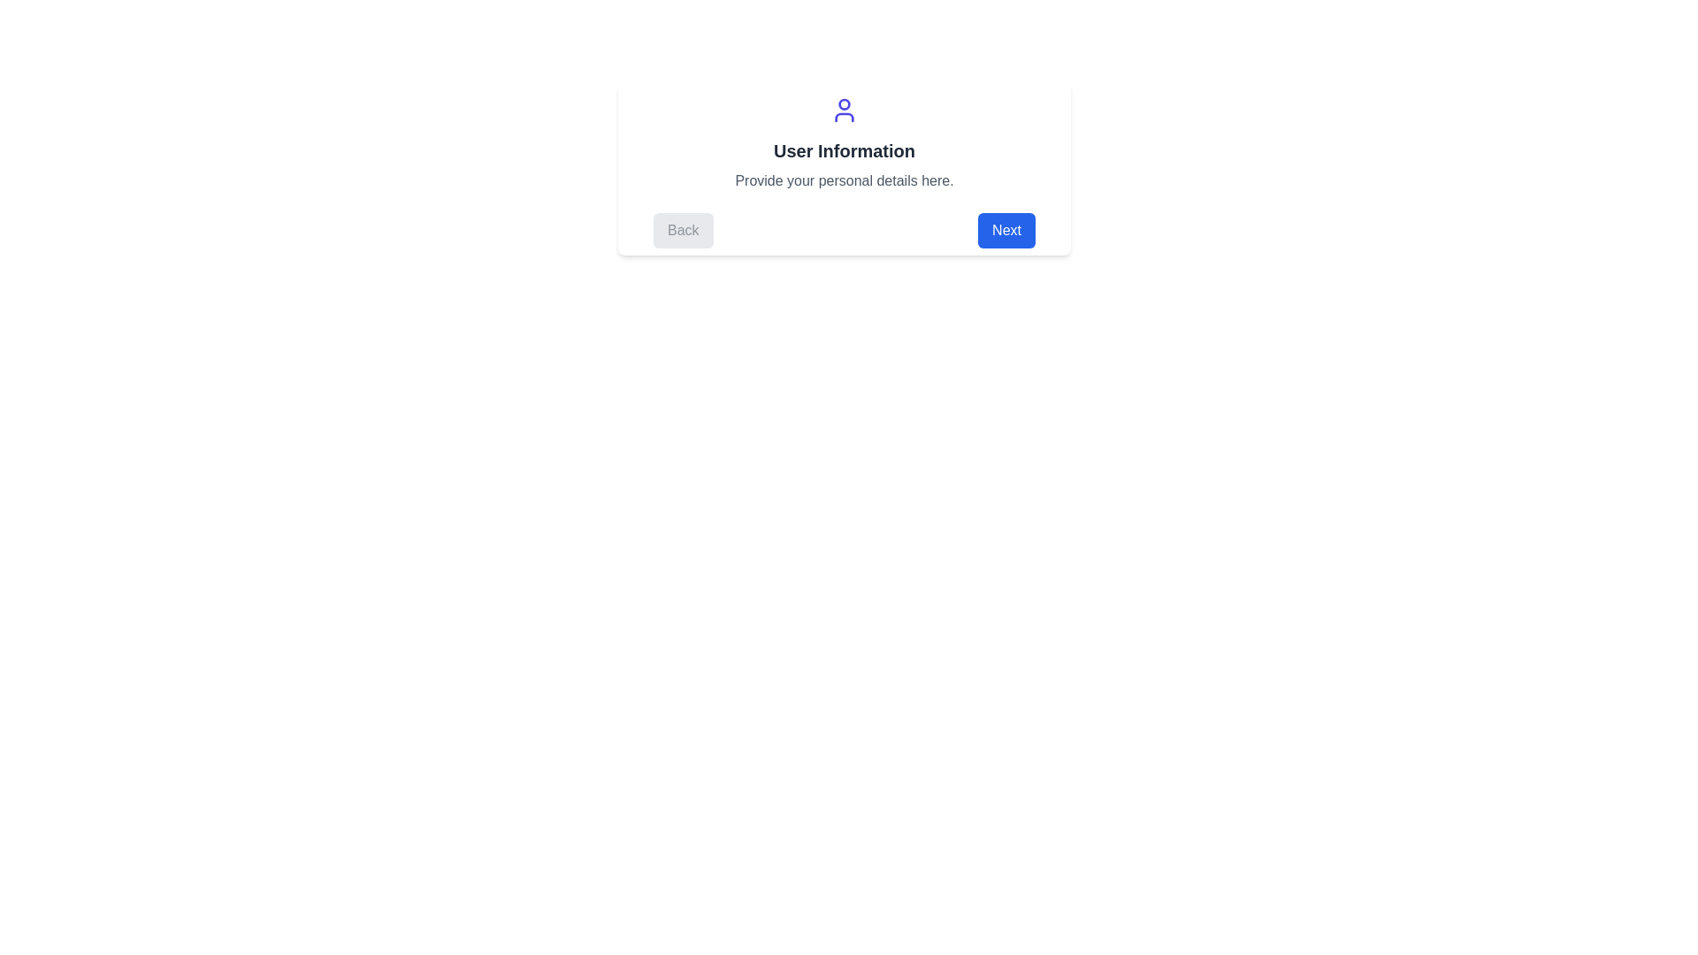 The height and width of the screenshot is (955, 1698). Describe the element at coordinates (1006, 230) in the screenshot. I see `the 'Next' button to navigate to the next step` at that location.